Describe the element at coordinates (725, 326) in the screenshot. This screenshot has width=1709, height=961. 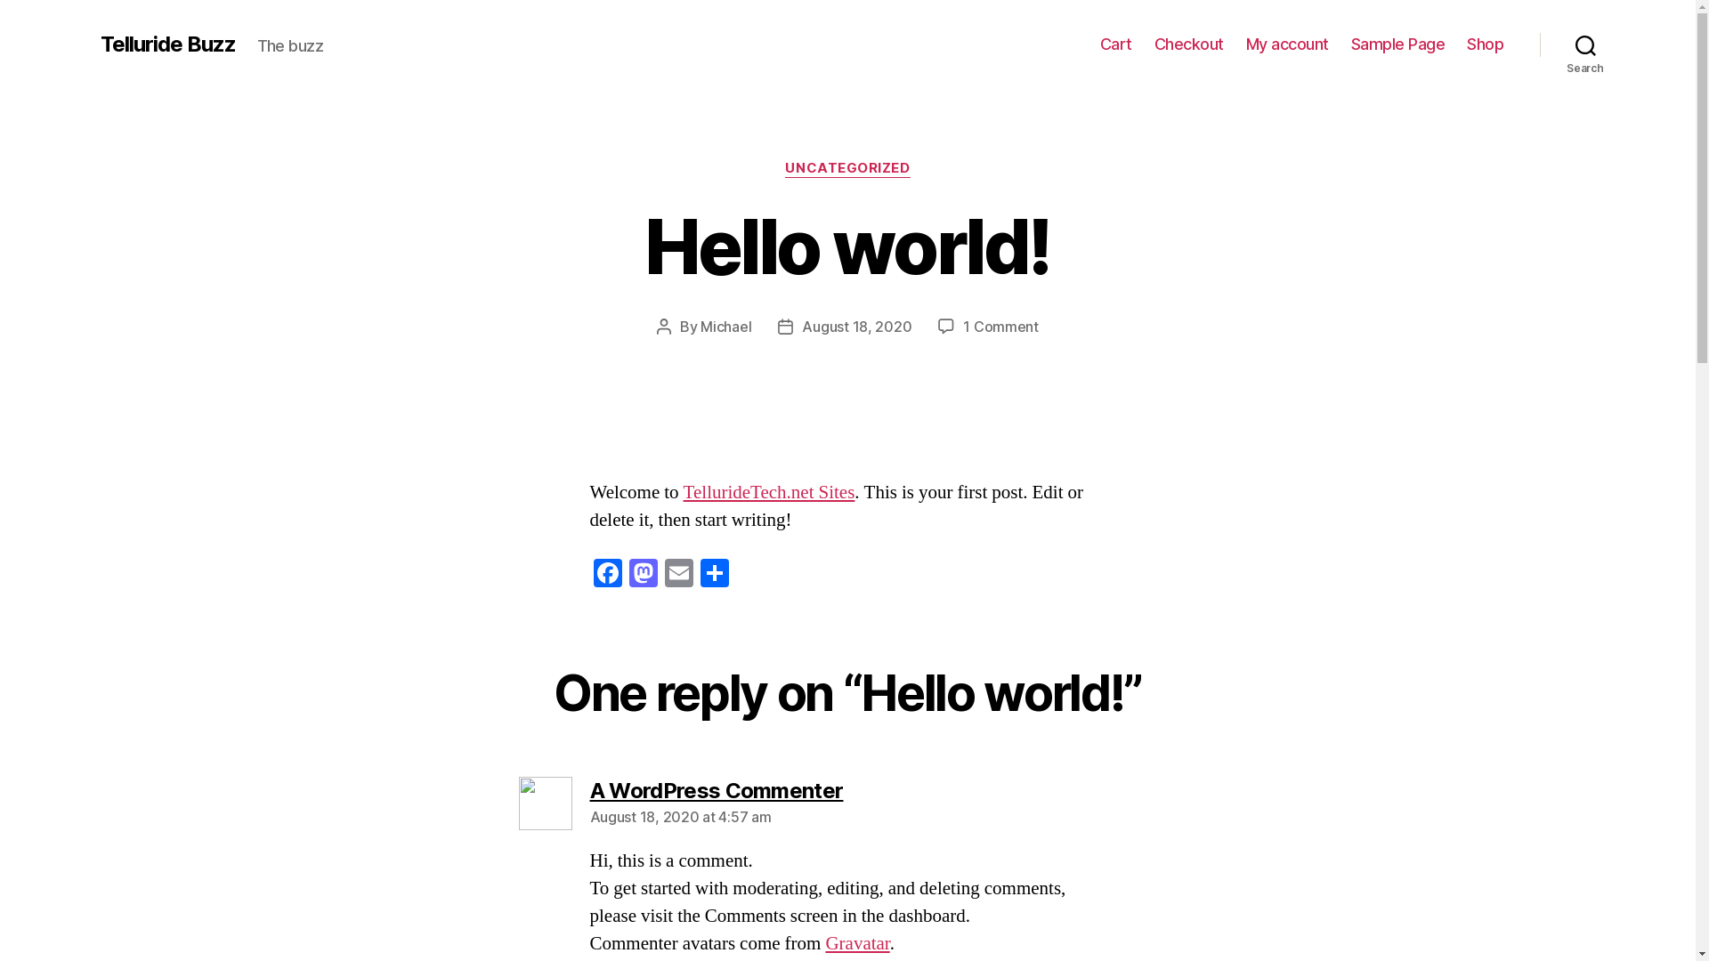
I see `'Michael'` at that location.